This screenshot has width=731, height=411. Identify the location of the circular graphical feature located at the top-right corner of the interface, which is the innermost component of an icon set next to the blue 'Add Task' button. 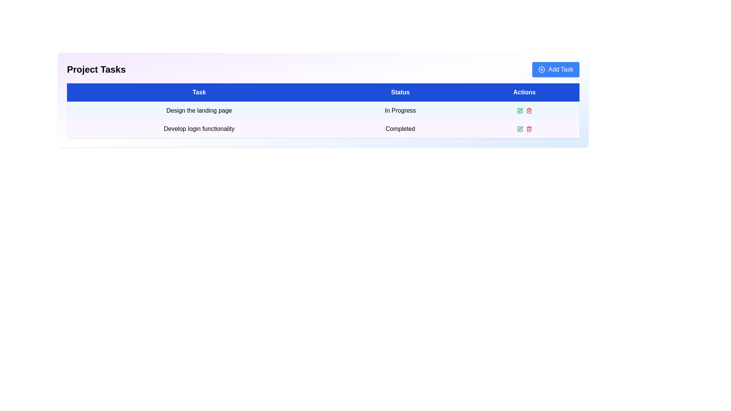
(541, 69).